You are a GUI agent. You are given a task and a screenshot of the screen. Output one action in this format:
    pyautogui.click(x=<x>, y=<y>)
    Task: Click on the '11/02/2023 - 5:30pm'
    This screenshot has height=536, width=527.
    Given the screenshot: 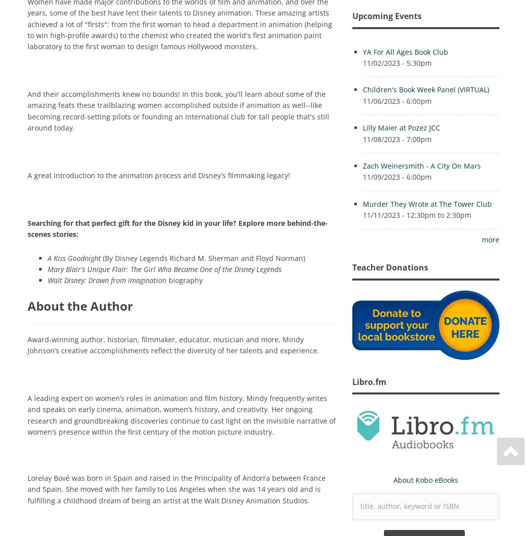 What is the action you would take?
    pyautogui.click(x=396, y=62)
    